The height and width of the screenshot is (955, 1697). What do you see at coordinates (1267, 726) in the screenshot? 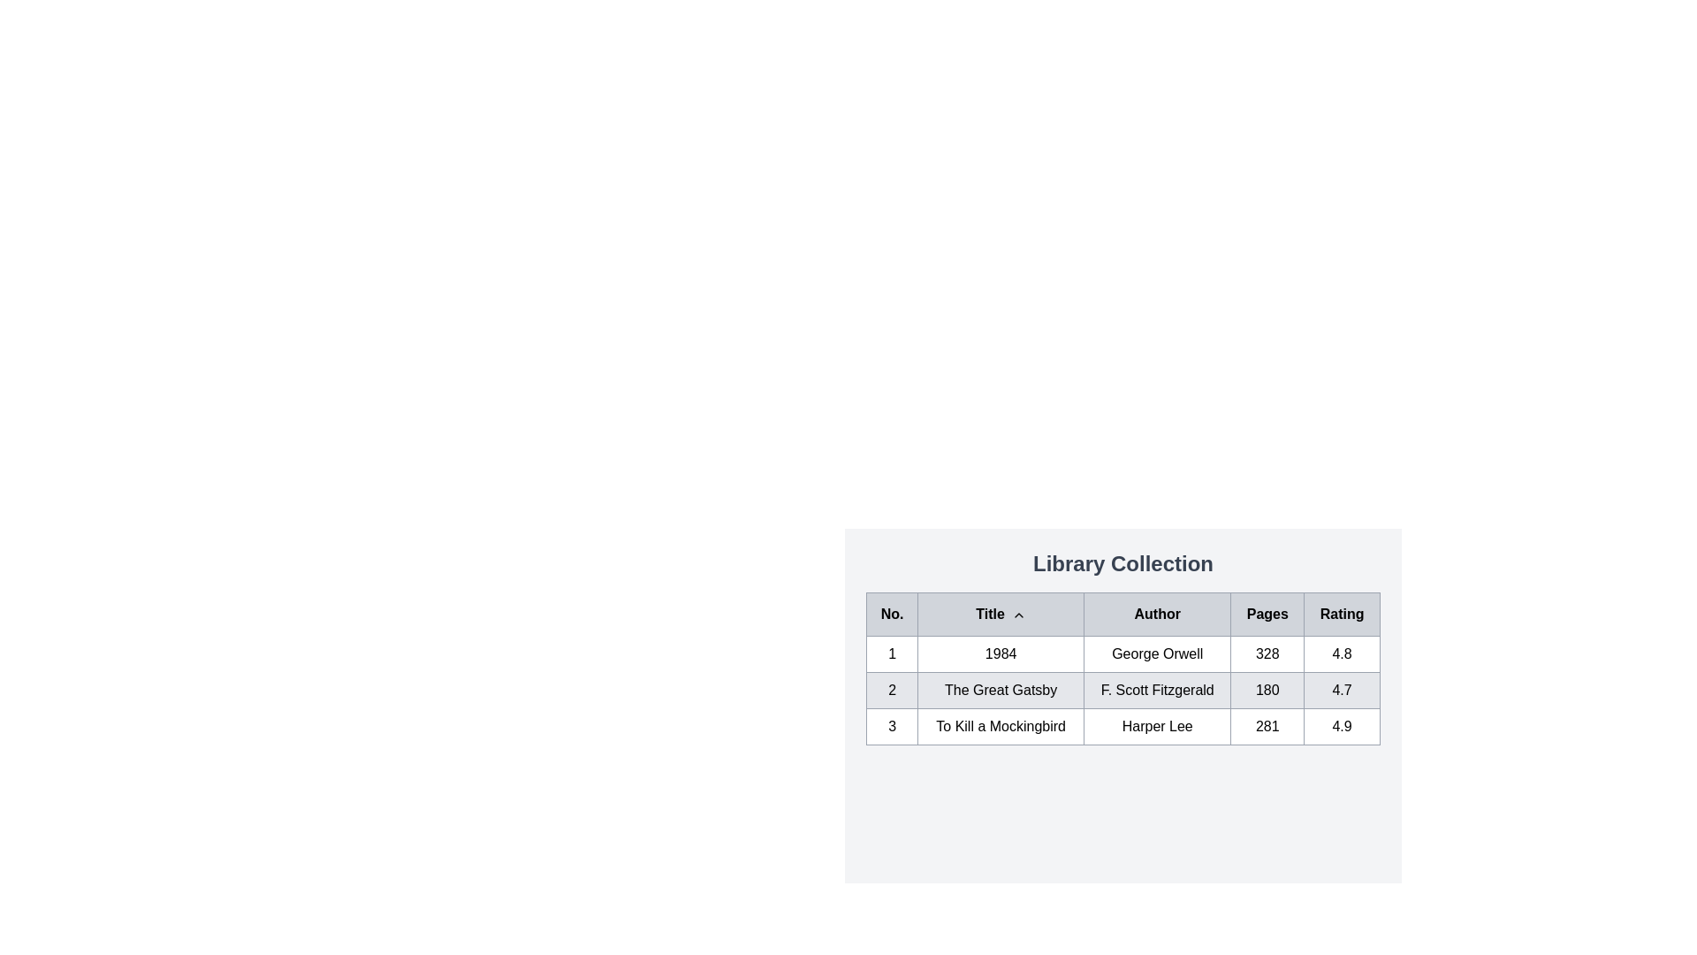
I see `the Text Display Field displaying the number '281' located in the 'Pages' column for 'To Kill a Mockingbird' by 'Harper Lee'` at bounding box center [1267, 726].